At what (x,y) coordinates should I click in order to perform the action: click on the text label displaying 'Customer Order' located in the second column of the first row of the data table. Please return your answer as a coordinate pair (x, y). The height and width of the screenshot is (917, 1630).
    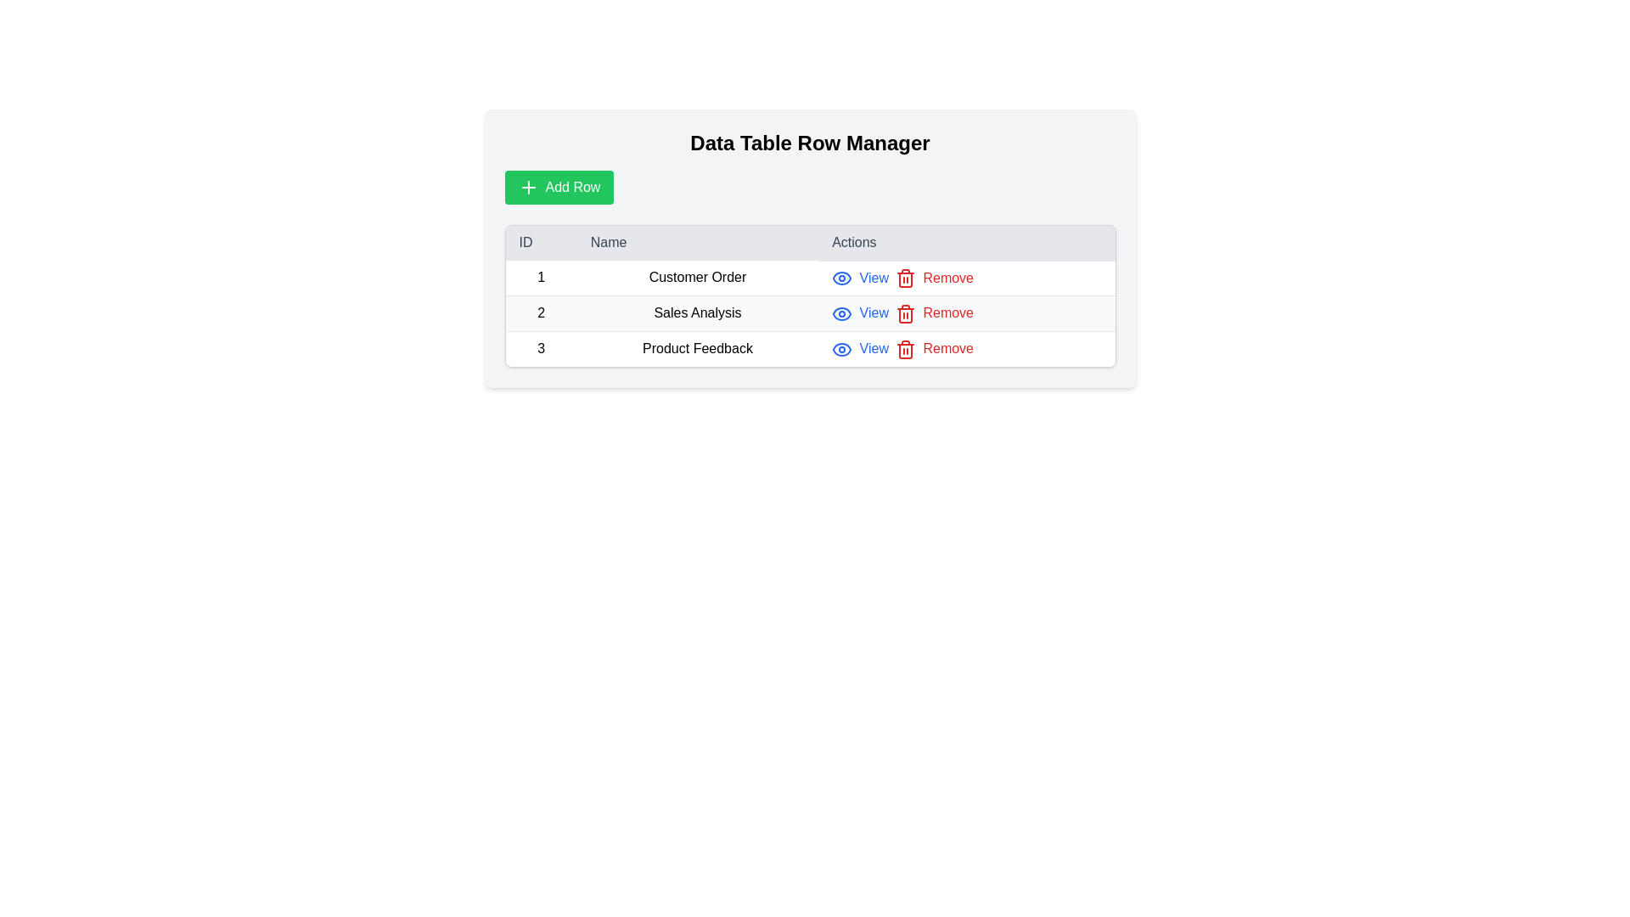
    Looking at the image, I should click on (697, 277).